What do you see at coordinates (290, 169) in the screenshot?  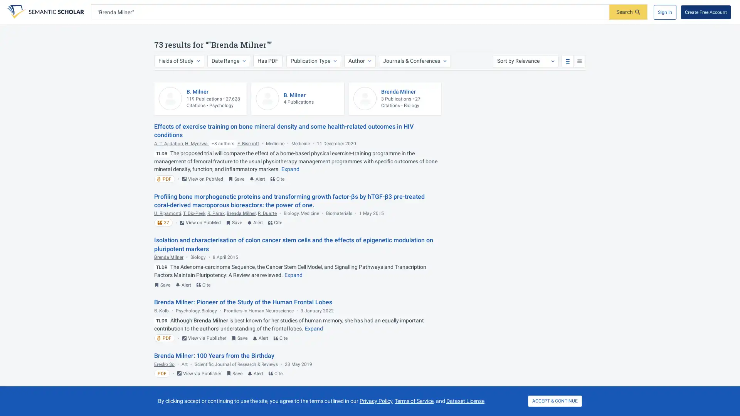 I see `Expand truncated text` at bounding box center [290, 169].